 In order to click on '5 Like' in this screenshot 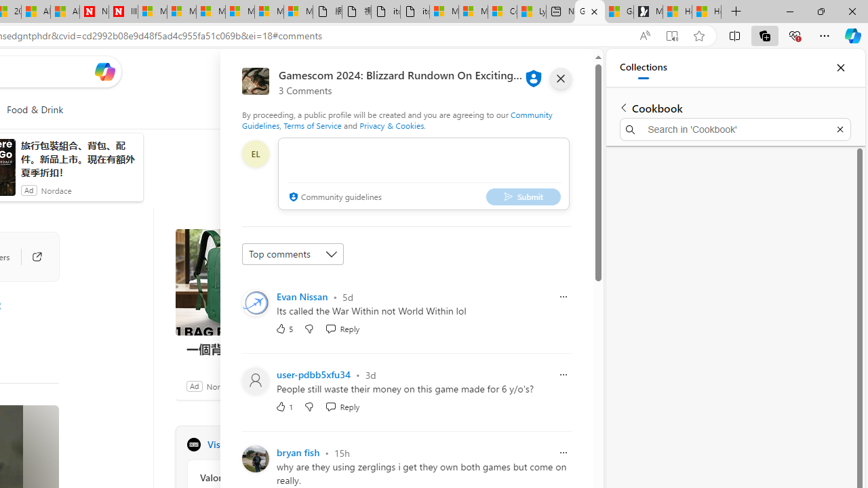, I will do `click(283, 328)`.